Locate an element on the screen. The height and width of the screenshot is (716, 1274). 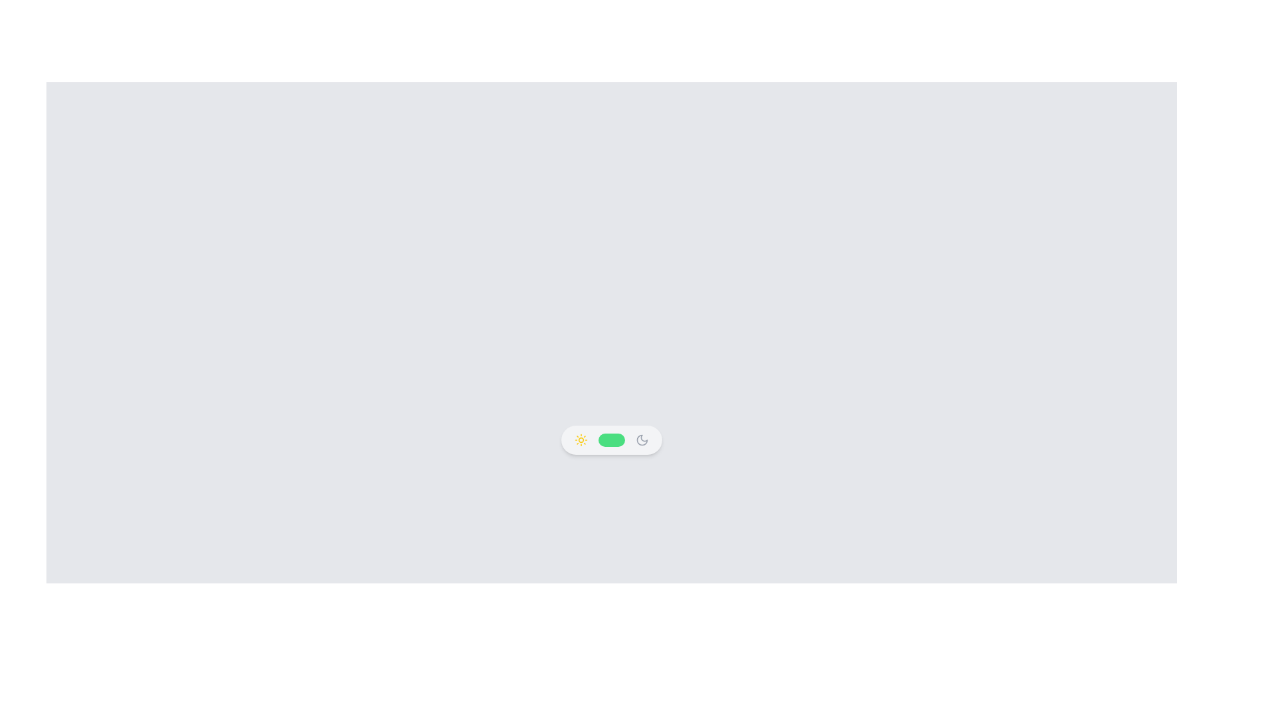
the circular moon icon located at the far right of a group containing a sun icon and a green toggle switch is located at coordinates (642, 440).